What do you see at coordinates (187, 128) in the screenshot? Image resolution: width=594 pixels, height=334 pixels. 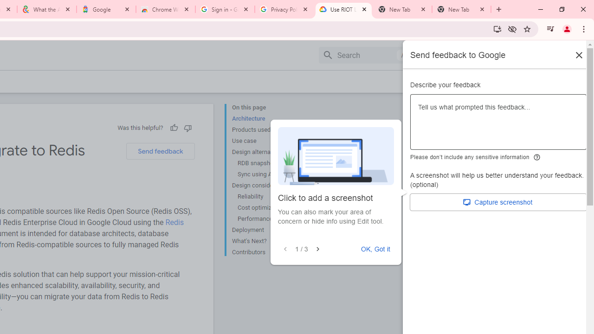 I see `'Not helpful'` at bounding box center [187, 128].